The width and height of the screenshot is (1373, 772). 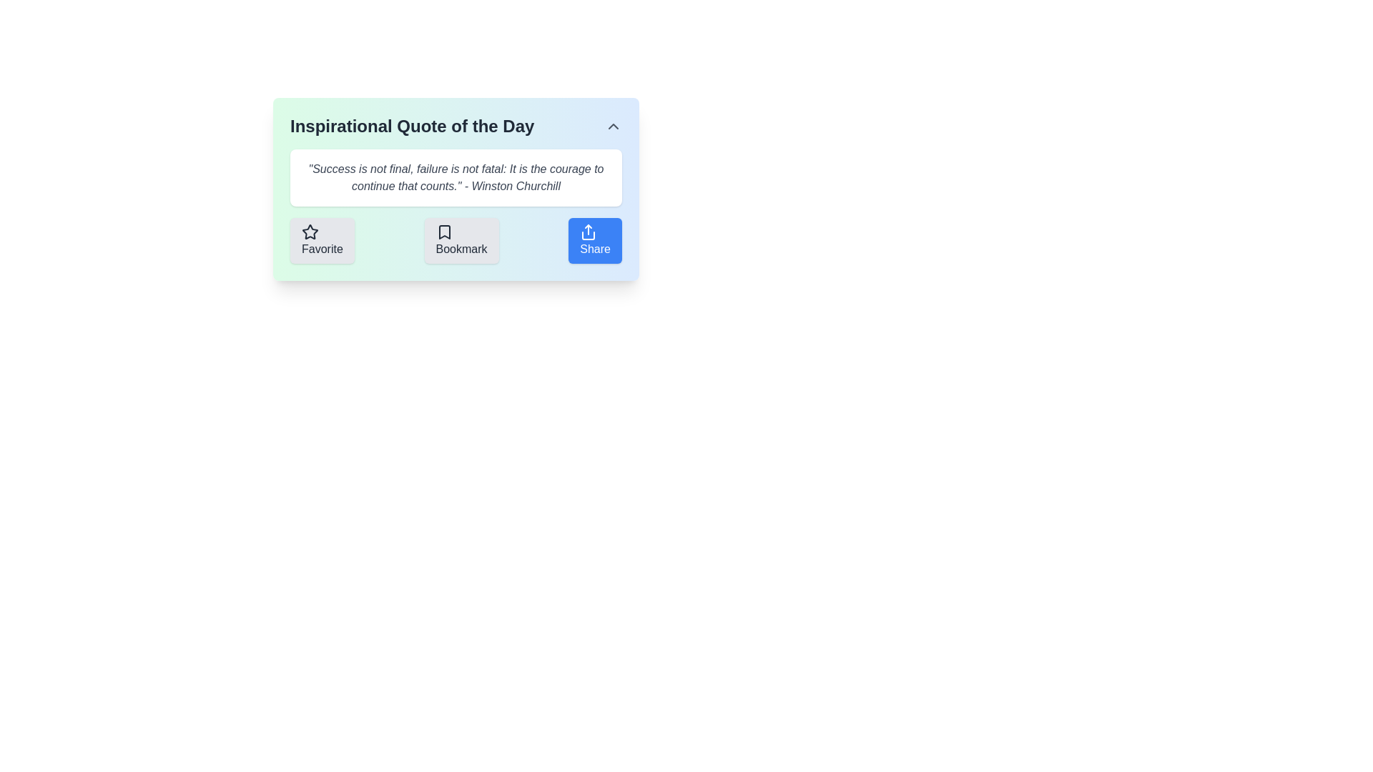 I want to click on the 'Favorite' button, so click(x=321, y=239).